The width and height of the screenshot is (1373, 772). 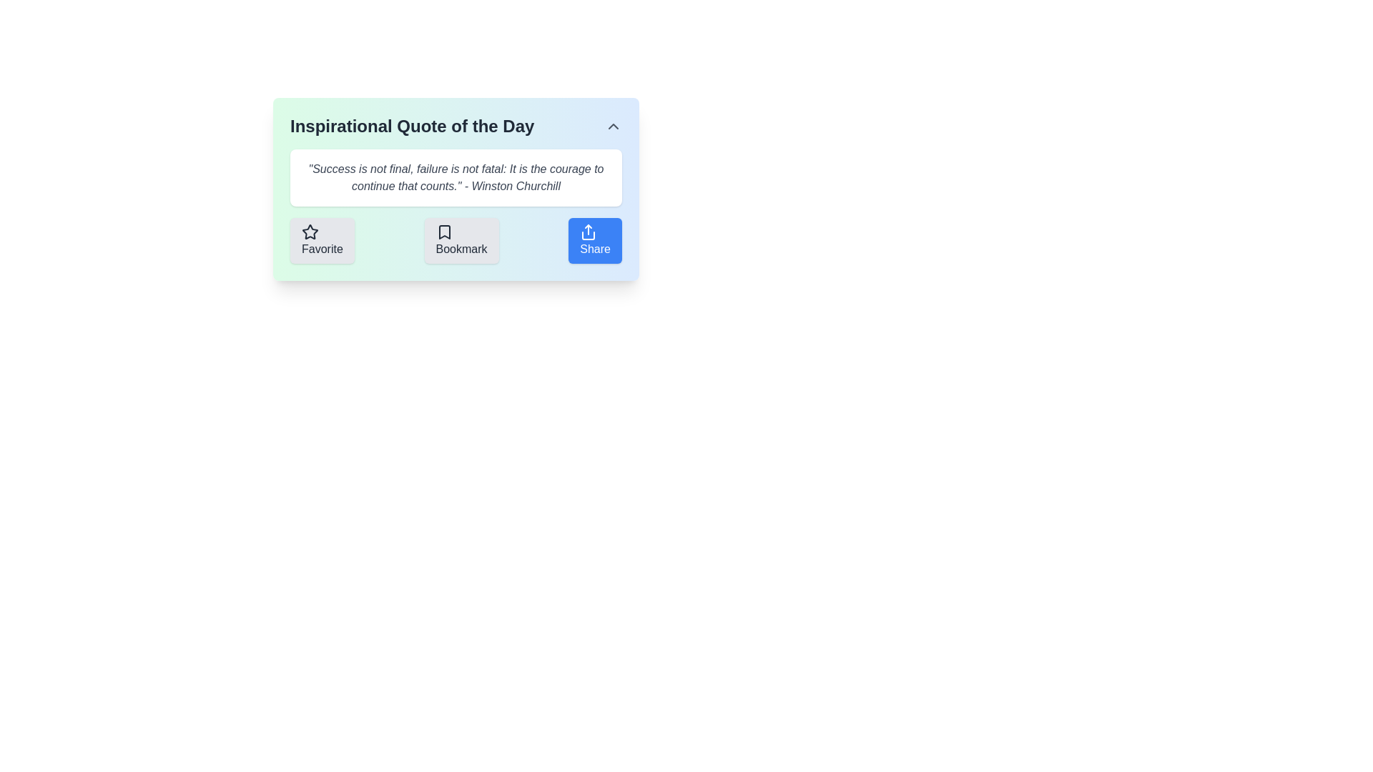 I want to click on the 'Favorite' button, so click(x=321, y=239).